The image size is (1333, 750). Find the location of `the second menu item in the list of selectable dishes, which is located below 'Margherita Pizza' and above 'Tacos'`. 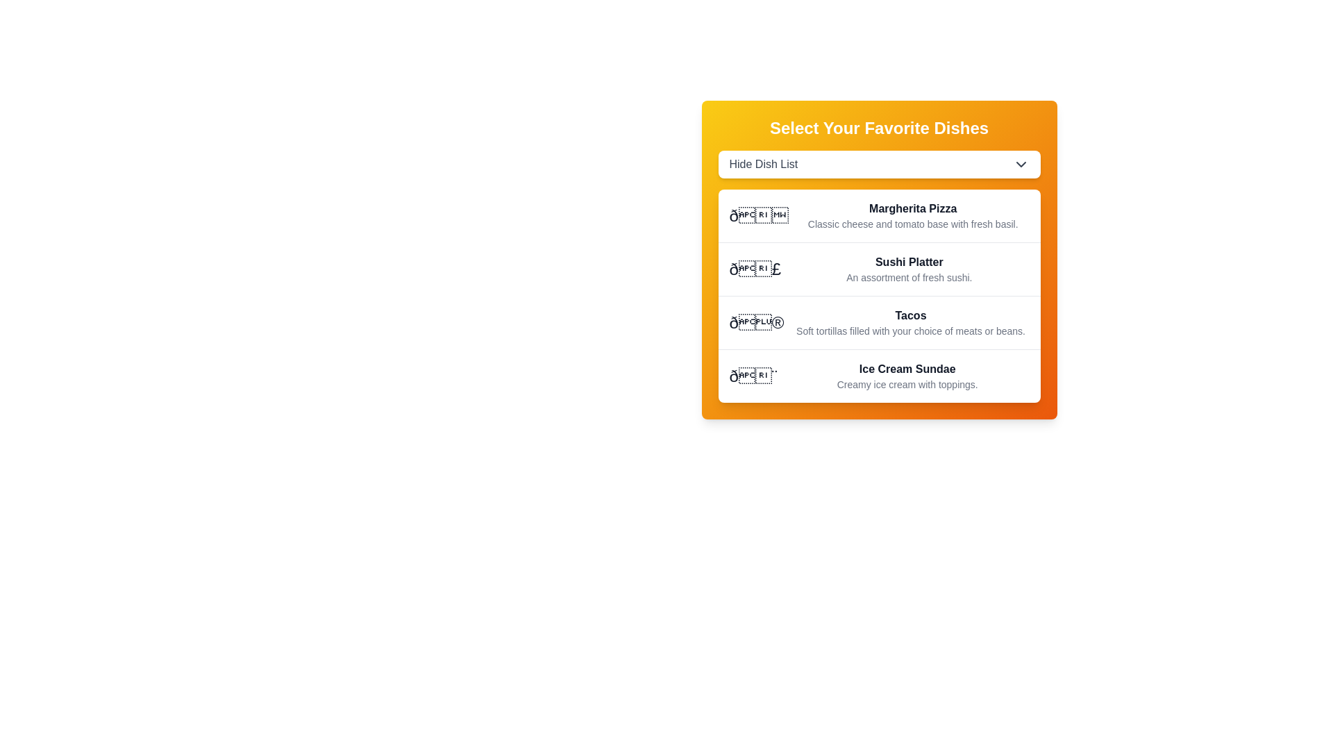

the second menu item in the list of selectable dishes, which is located below 'Margherita Pizza' and above 'Tacos' is located at coordinates (878, 269).